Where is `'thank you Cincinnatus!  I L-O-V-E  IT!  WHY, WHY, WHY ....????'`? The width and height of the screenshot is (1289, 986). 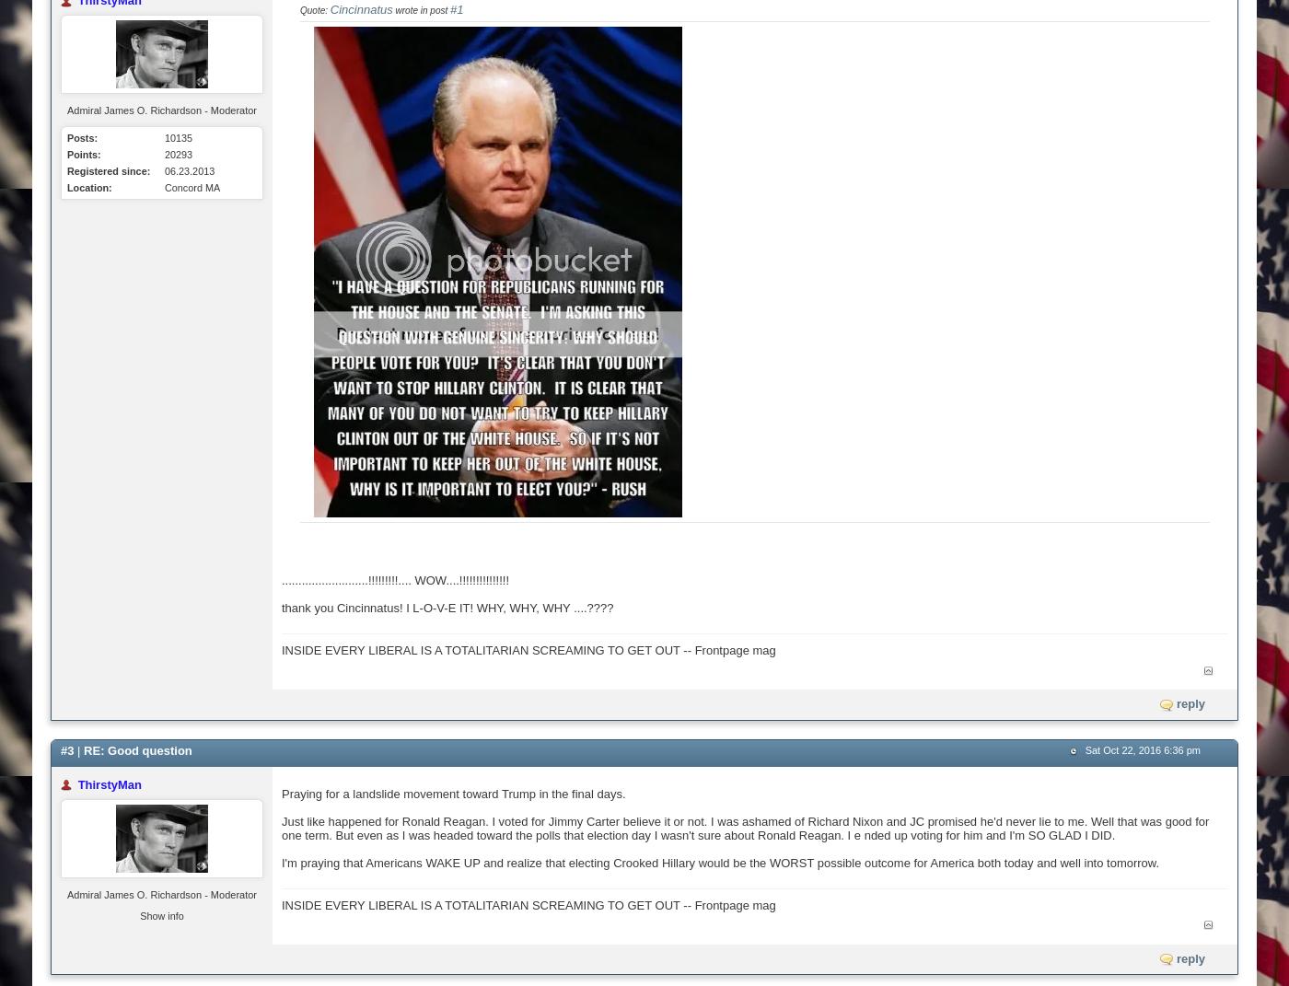
'thank you Cincinnatus!  I L-O-V-E  IT!  WHY, WHY, WHY ....????' is located at coordinates (447, 607).